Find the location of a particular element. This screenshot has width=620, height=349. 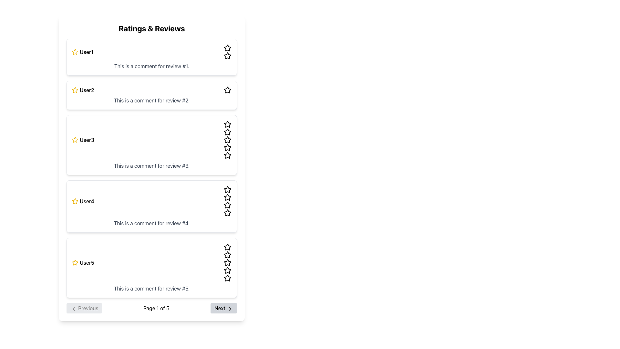

the 'User4' label, which indicates the username of the individual associated with a specific review in the 'Ratings & Reviews' section, positioned between 'User3' and 'User5' is located at coordinates (87, 201).